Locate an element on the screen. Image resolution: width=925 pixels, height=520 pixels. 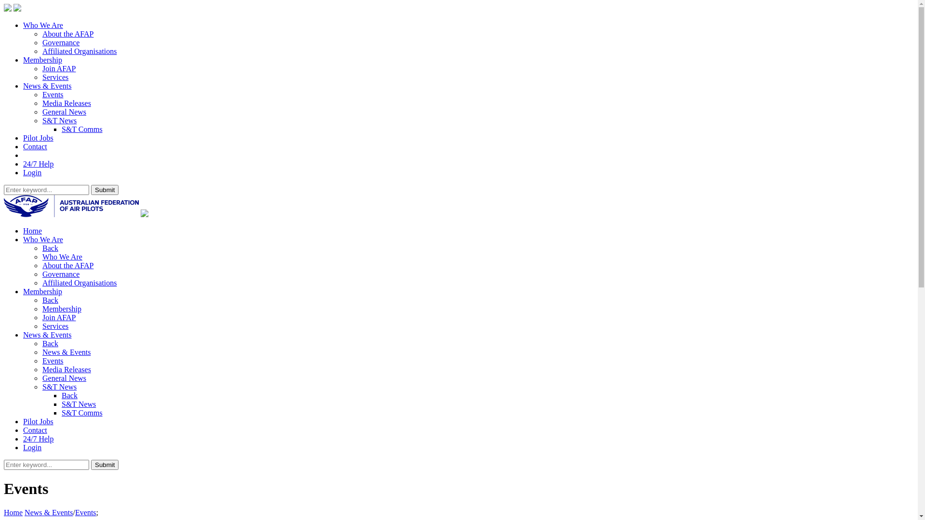
'Home' is located at coordinates (23, 231).